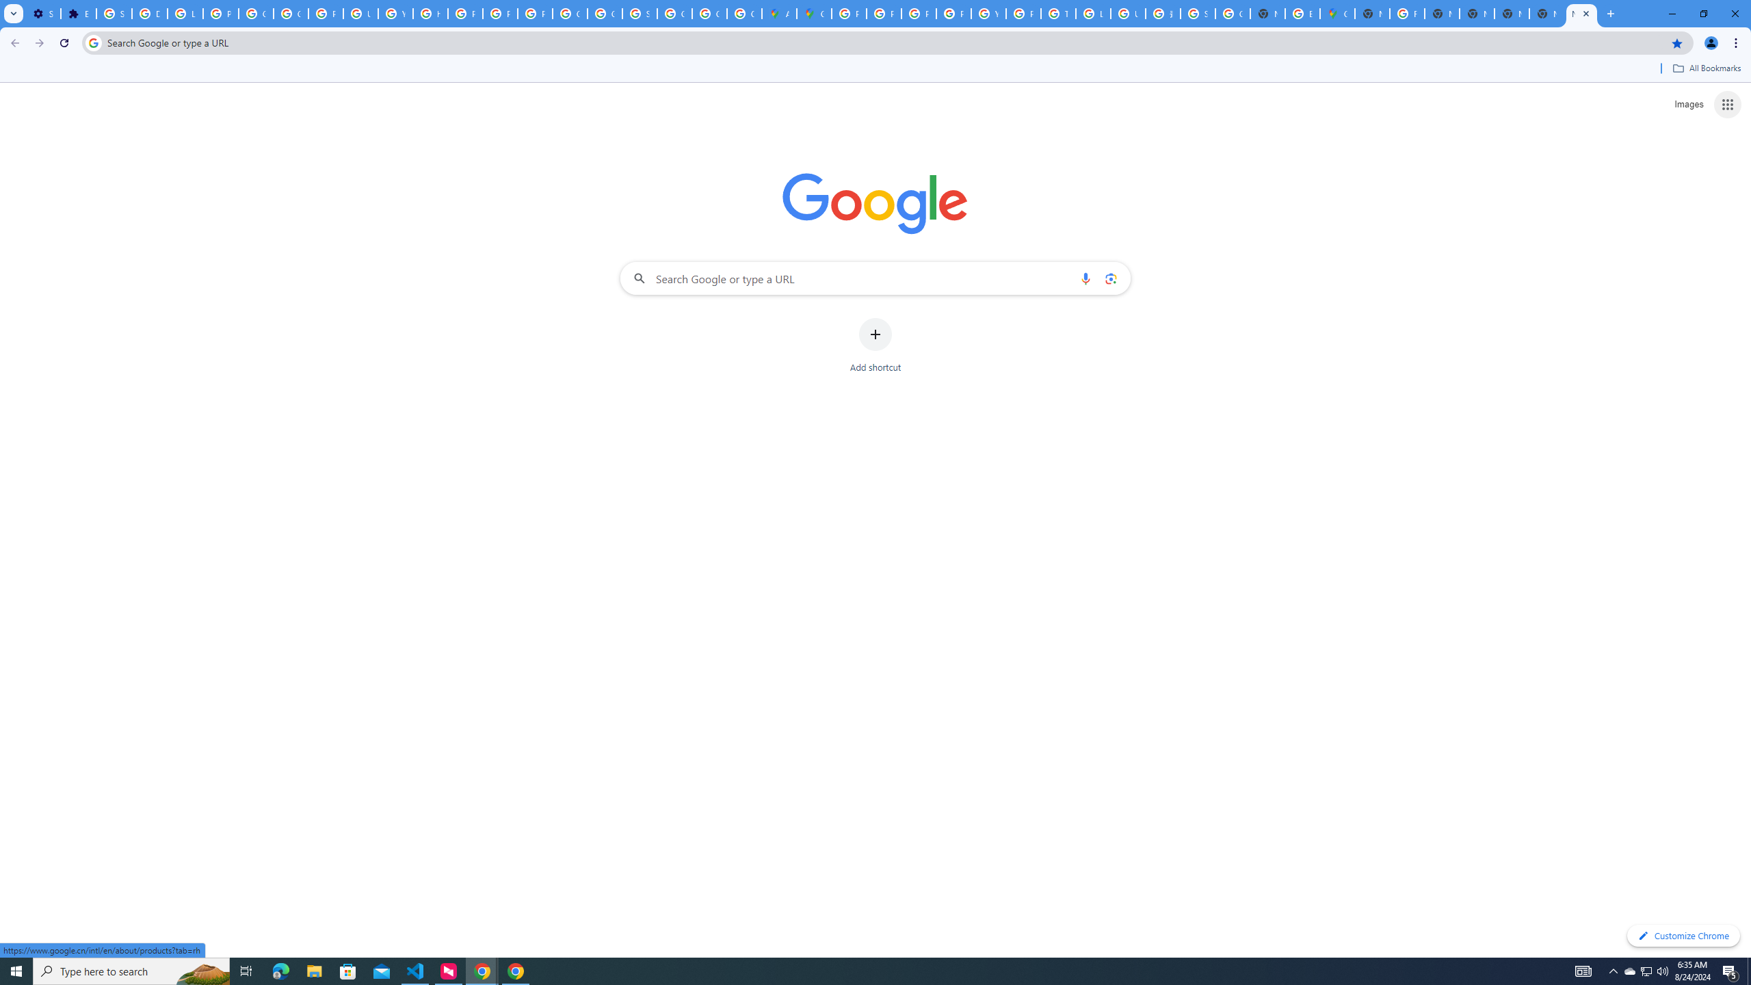 Image resolution: width=1751 pixels, height=985 pixels. I want to click on 'Policy Accountability and Transparency - Transparency Center', so click(847, 13).